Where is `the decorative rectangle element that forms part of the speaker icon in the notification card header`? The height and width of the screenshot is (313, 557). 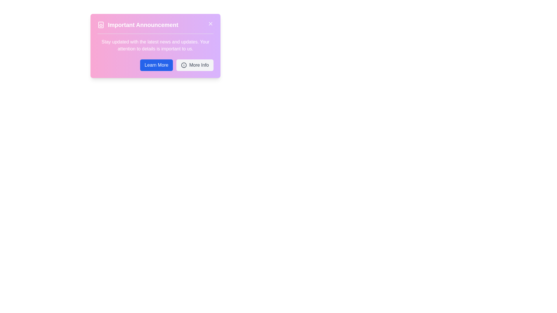
the decorative rectangle element that forms part of the speaker icon in the notification card header is located at coordinates (101, 24).